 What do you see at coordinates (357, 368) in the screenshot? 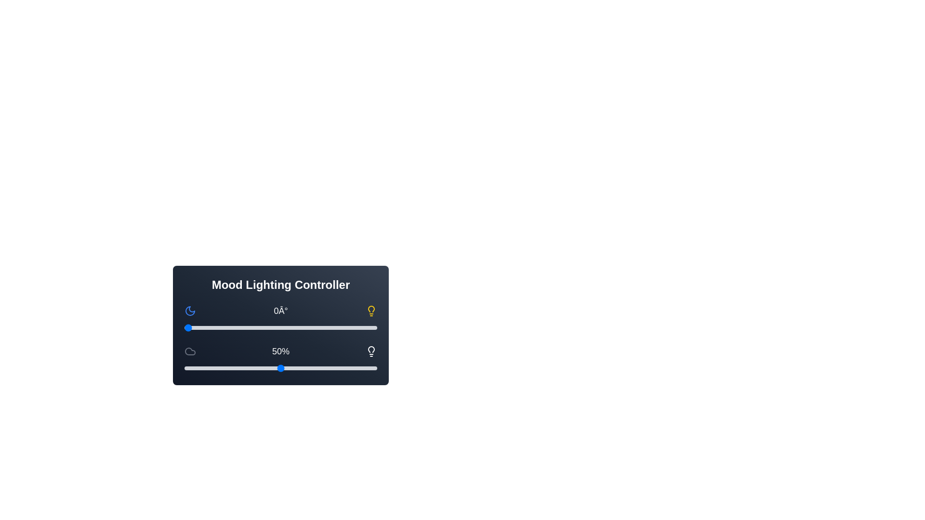
I see `the light intensity to 90% by adjusting the slider` at bounding box center [357, 368].